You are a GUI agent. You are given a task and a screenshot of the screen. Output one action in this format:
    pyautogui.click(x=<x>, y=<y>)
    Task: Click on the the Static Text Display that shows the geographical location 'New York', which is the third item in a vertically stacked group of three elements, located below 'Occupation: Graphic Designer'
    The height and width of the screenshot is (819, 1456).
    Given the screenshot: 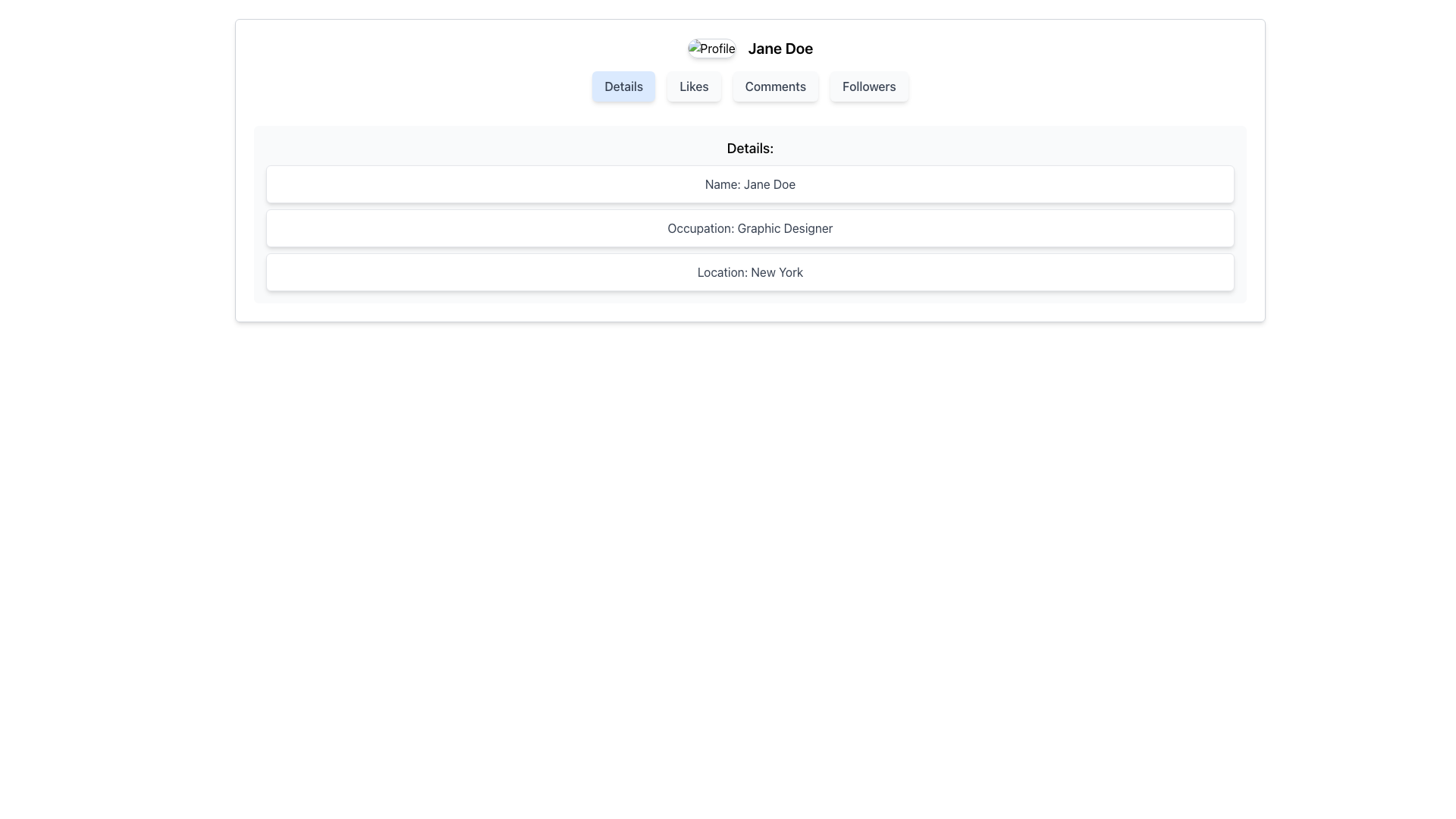 What is the action you would take?
    pyautogui.click(x=750, y=271)
    